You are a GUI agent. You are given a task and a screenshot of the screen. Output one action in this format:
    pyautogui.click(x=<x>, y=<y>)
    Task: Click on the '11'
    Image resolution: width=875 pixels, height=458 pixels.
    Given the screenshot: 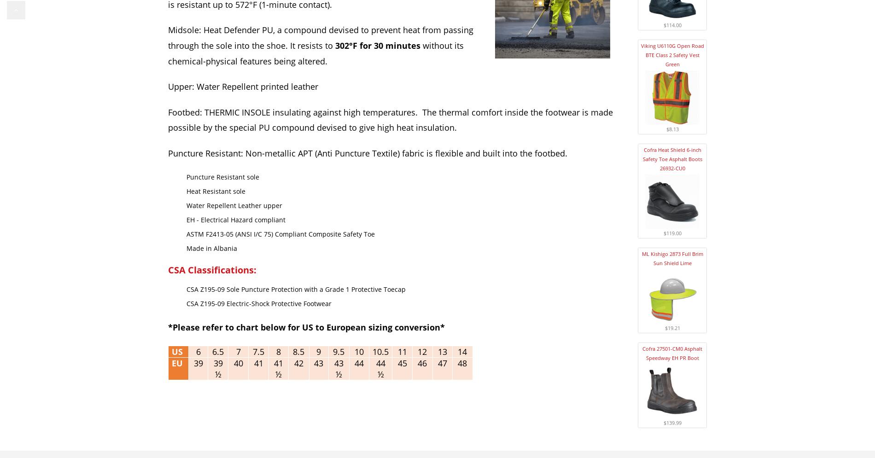 What is the action you would take?
    pyautogui.click(x=402, y=351)
    